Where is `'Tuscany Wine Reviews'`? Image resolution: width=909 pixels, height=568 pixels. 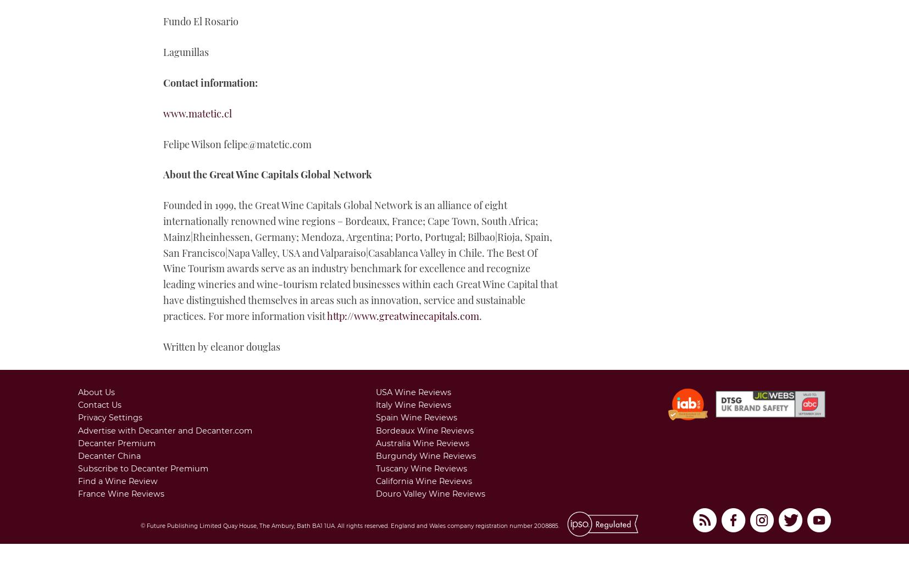
'Tuscany Wine Reviews' is located at coordinates (421, 468).